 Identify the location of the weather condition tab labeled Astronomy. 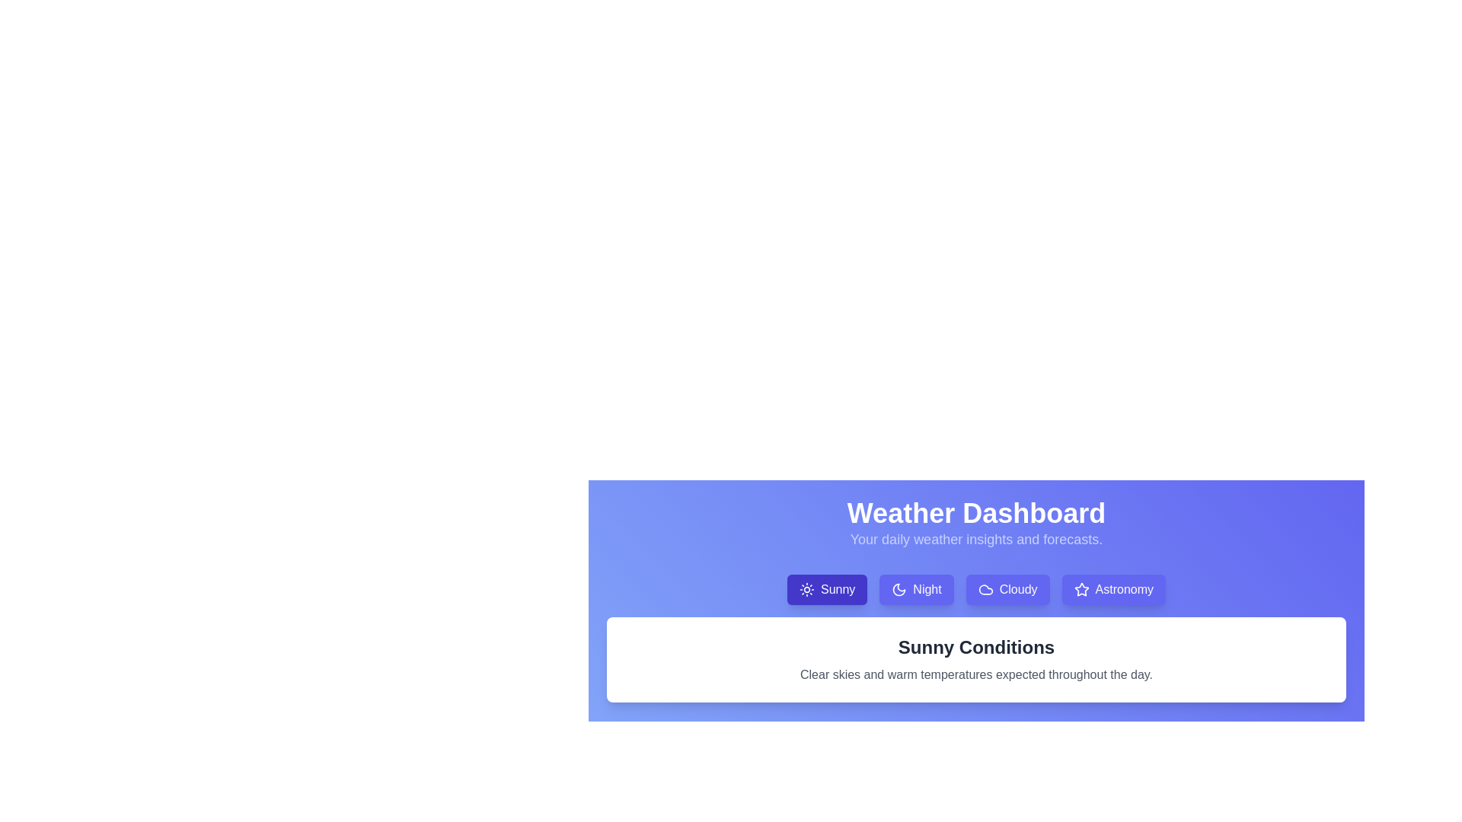
(1113, 589).